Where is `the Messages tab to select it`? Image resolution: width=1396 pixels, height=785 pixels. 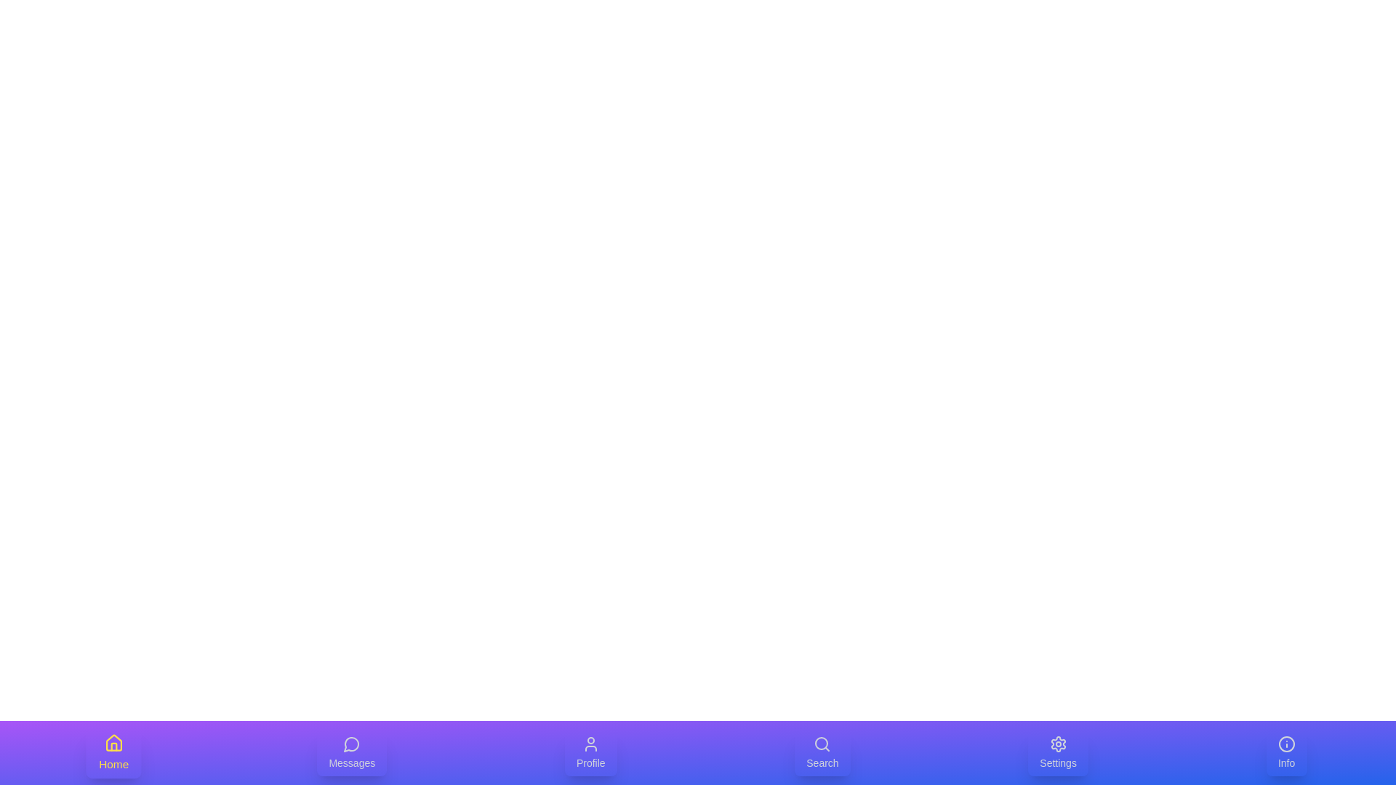
the Messages tab to select it is located at coordinates (352, 752).